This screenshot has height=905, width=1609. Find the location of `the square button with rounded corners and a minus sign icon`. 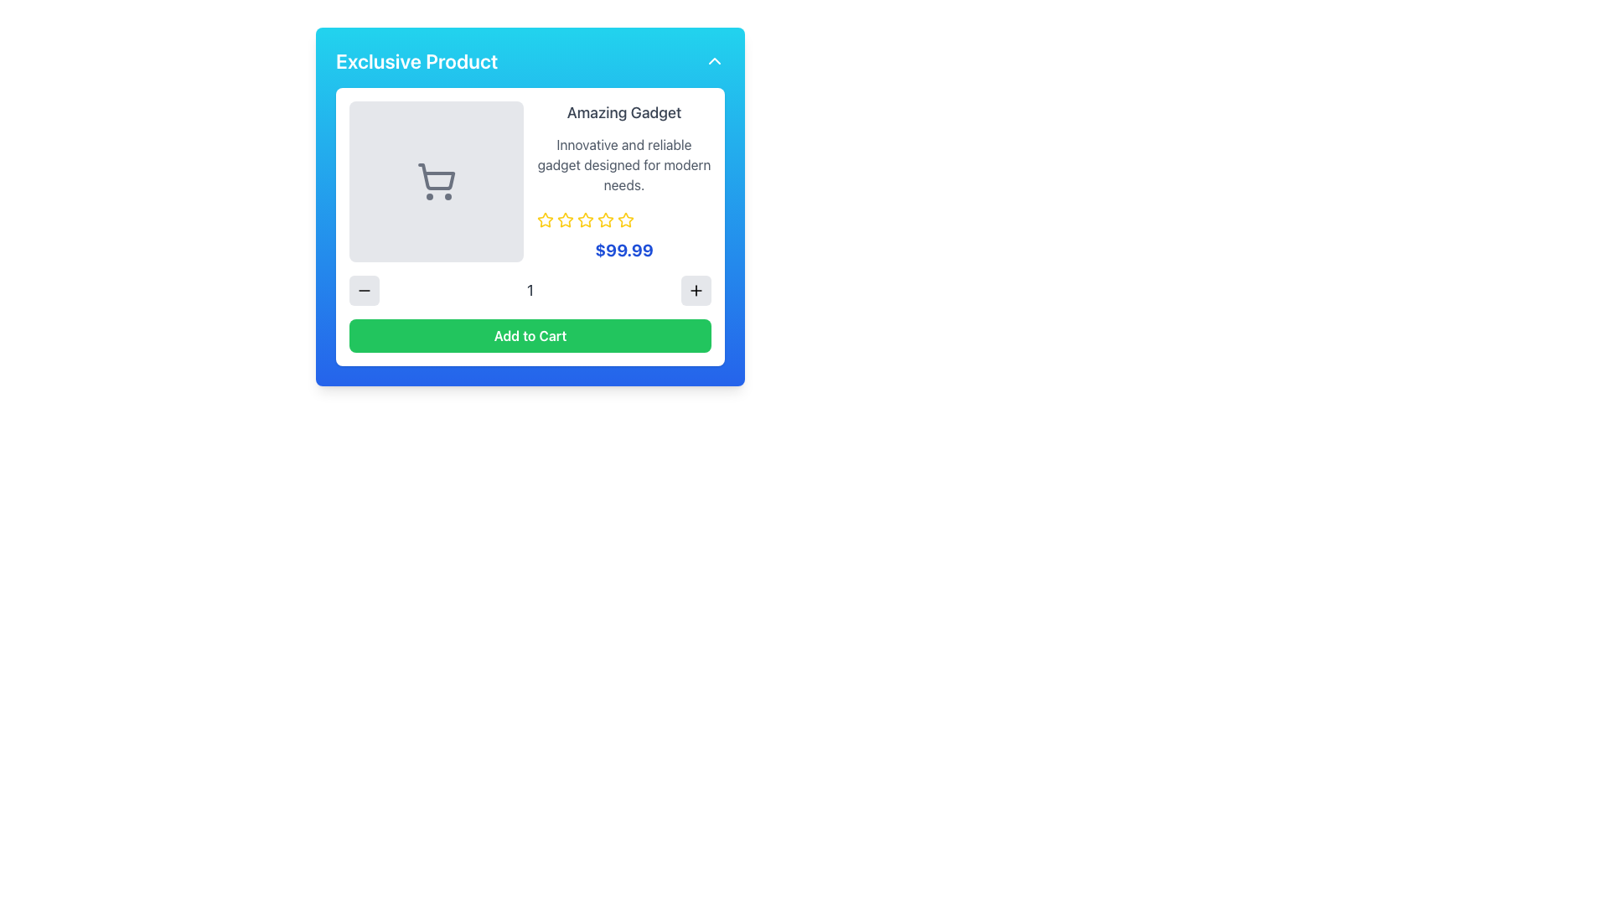

the square button with rounded corners and a minus sign icon is located at coordinates (364, 290).